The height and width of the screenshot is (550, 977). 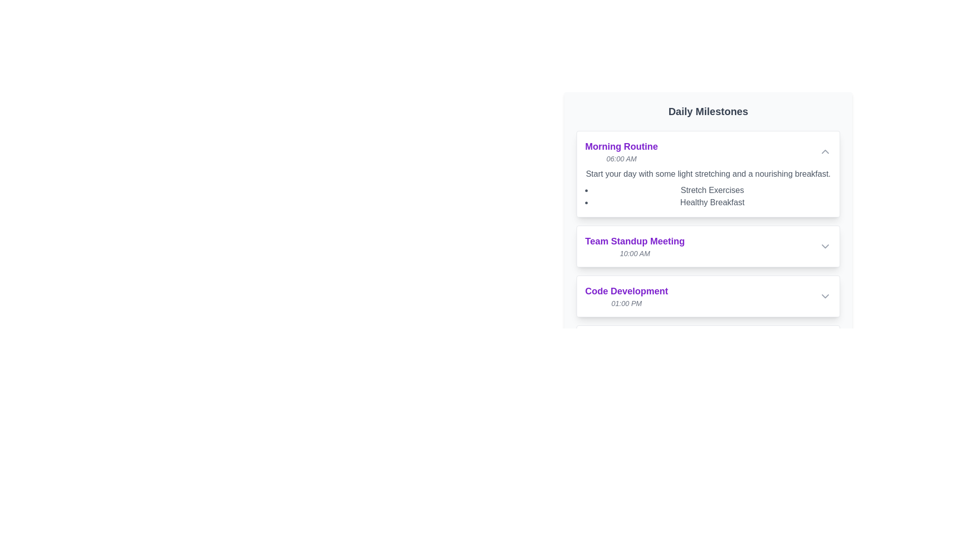 What do you see at coordinates (621, 151) in the screenshot?
I see `text content of the title 'Morning Routine' and subtitle '06:00 AM' from the top-left Text element in the 'Daily Milestones' section` at bounding box center [621, 151].